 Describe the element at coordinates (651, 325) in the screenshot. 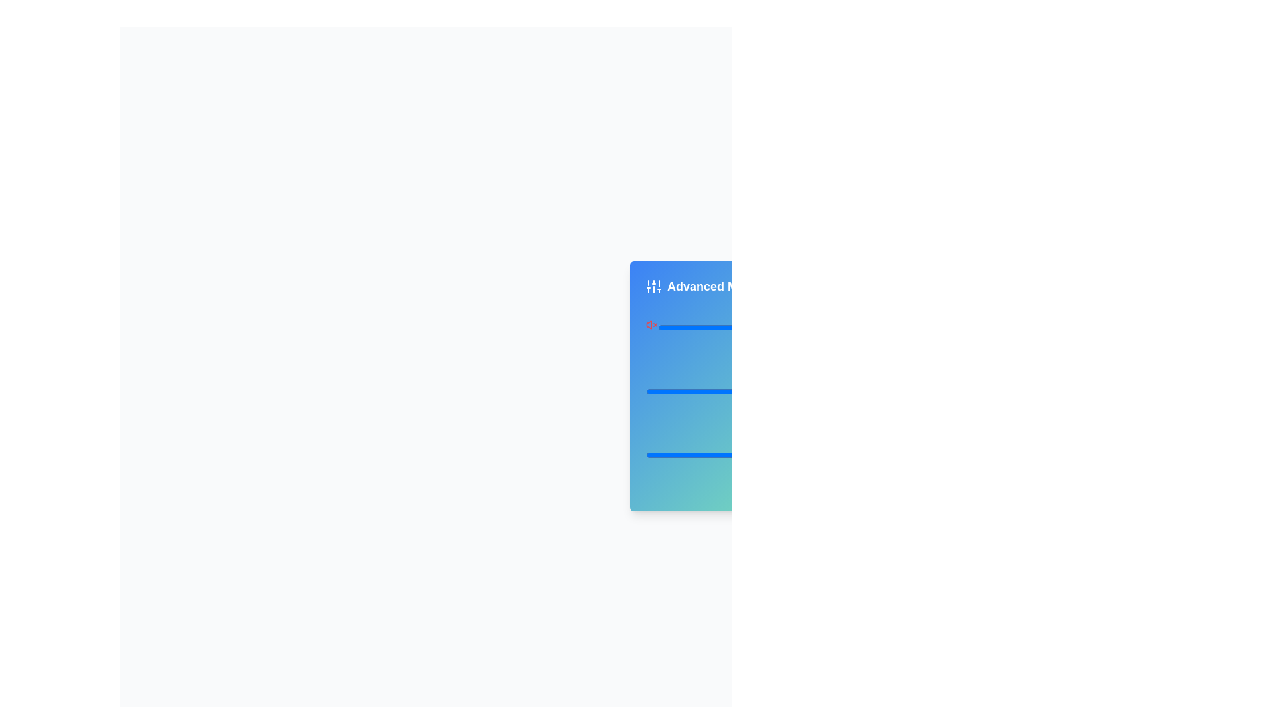

I see `the red mute icon button that resembles a speaker with an 'x', located to the left of a slider control and other icons` at that location.